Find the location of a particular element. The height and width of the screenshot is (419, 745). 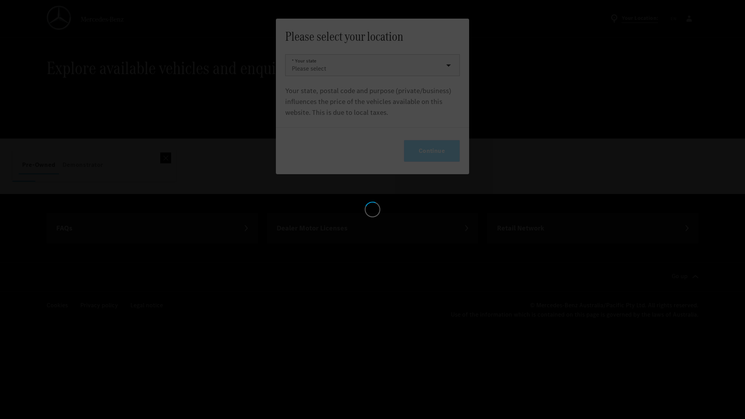

'EN' is located at coordinates (673, 18).